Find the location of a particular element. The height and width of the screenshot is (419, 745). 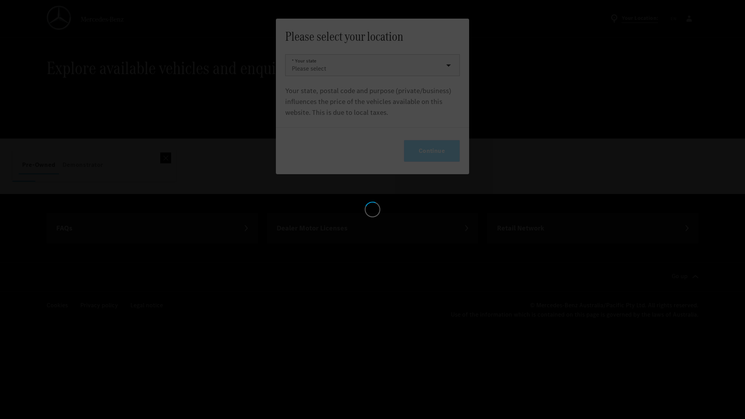

'EN' is located at coordinates (673, 18).